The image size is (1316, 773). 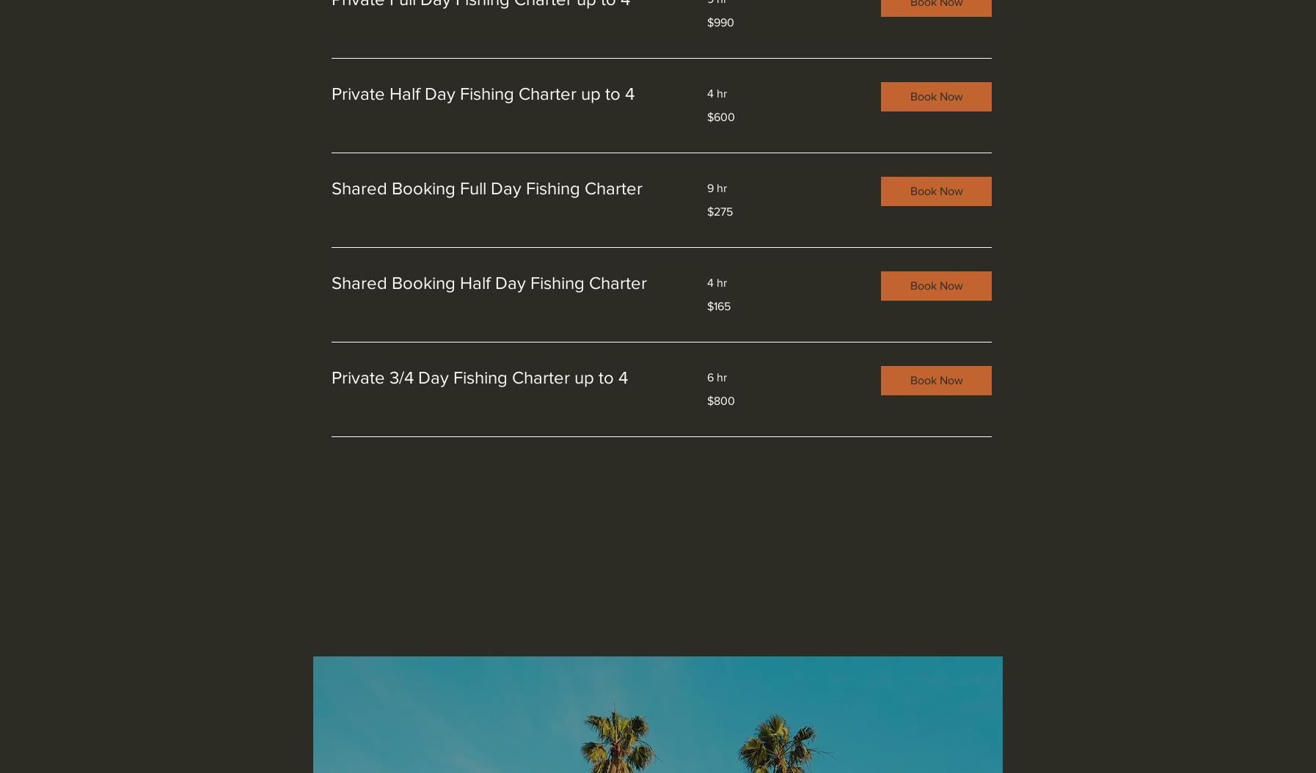 I want to click on 'Private Half Day Fishing Charter up to 4', so click(x=483, y=93).